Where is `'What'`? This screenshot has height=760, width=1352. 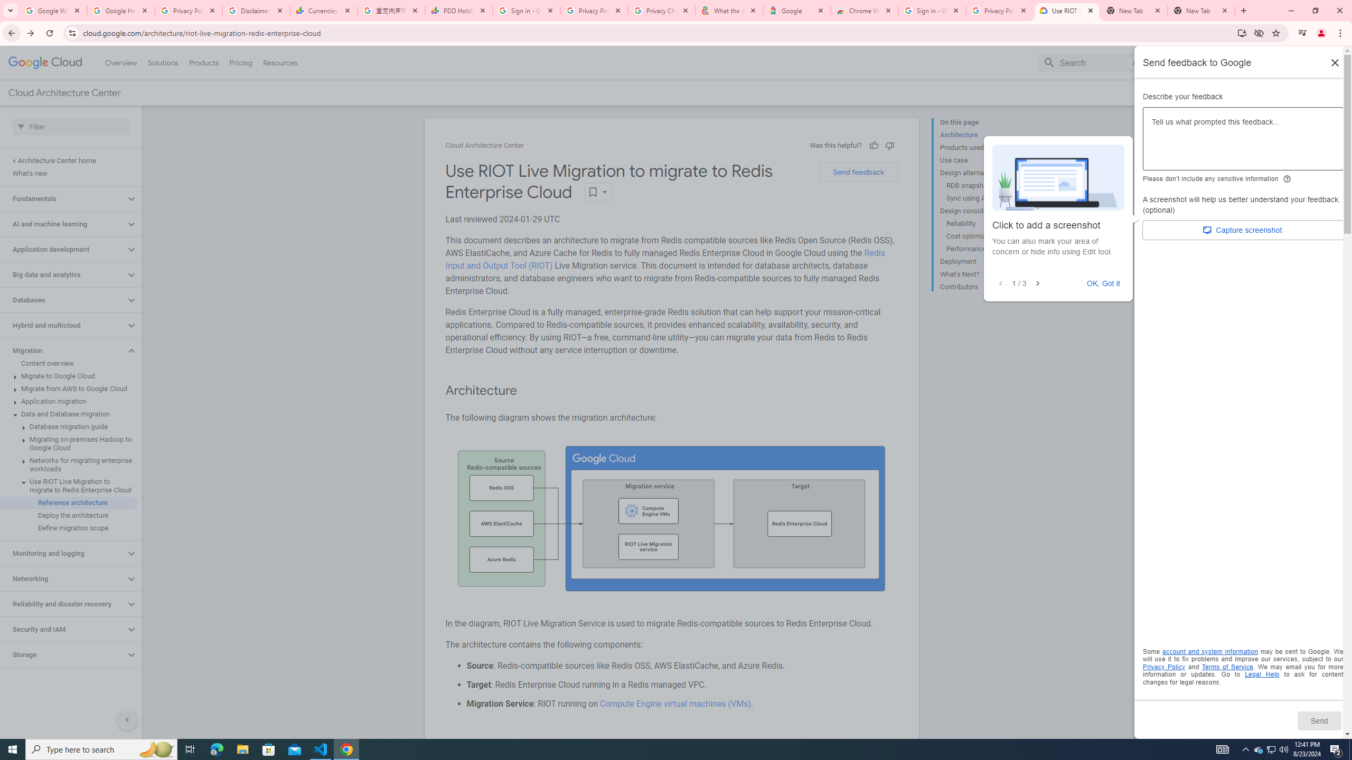
'What' is located at coordinates (982, 273).